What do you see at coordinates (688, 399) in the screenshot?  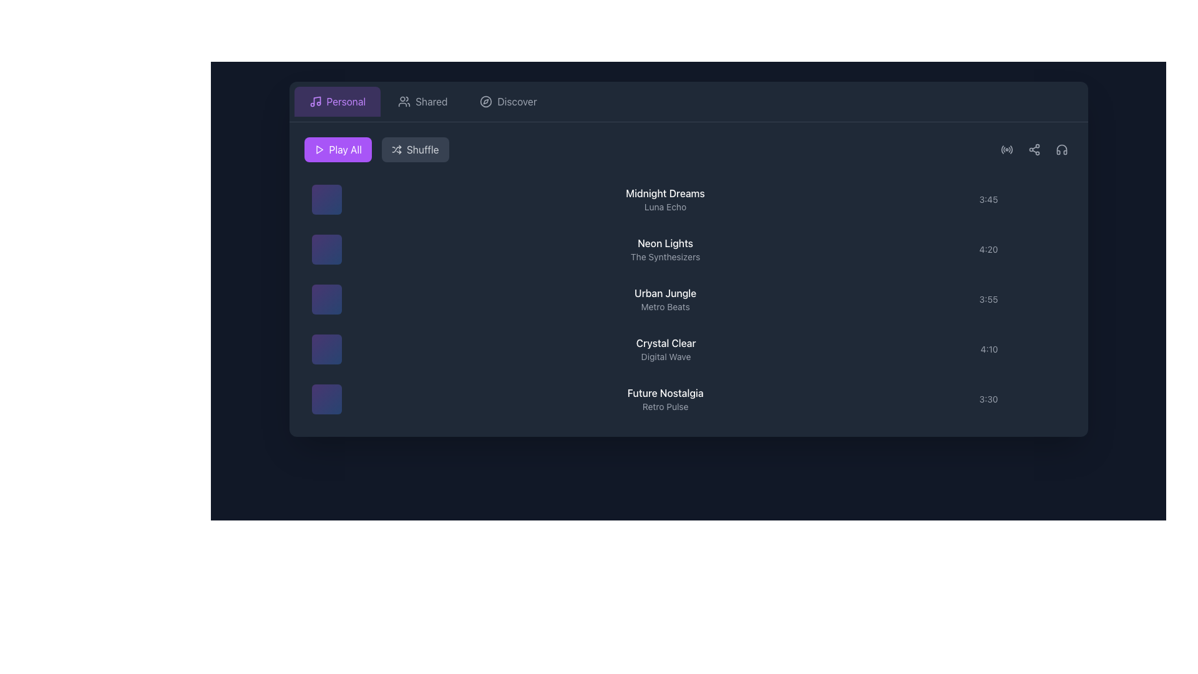 I see `the last song entry in the playlist, which displays the song title, artist, and duration` at bounding box center [688, 399].